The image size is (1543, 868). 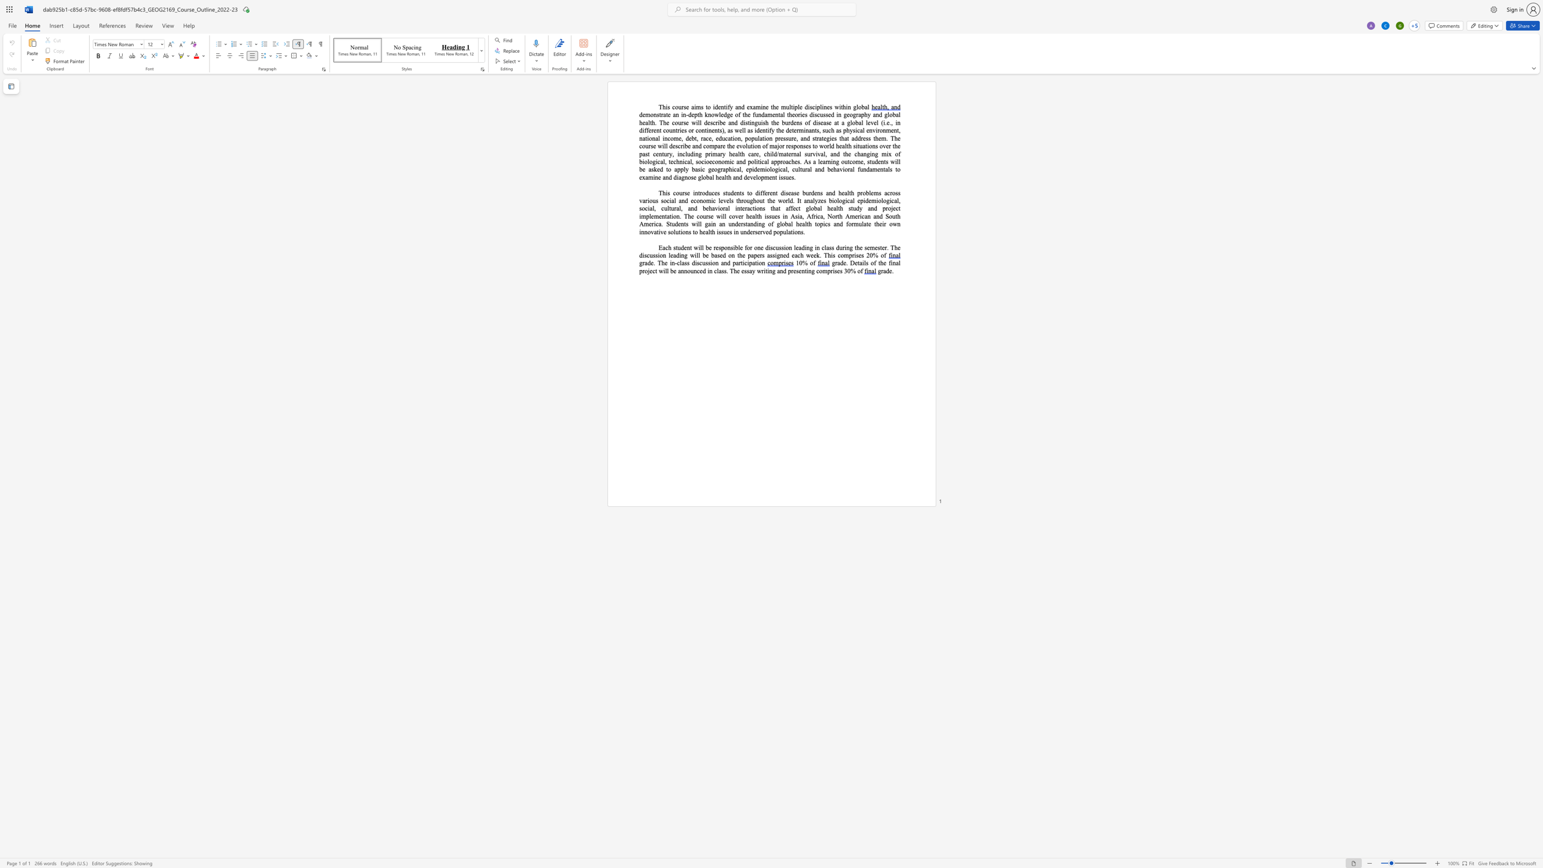 What do you see at coordinates (727, 177) in the screenshot?
I see `the 3th character "t" in the text` at bounding box center [727, 177].